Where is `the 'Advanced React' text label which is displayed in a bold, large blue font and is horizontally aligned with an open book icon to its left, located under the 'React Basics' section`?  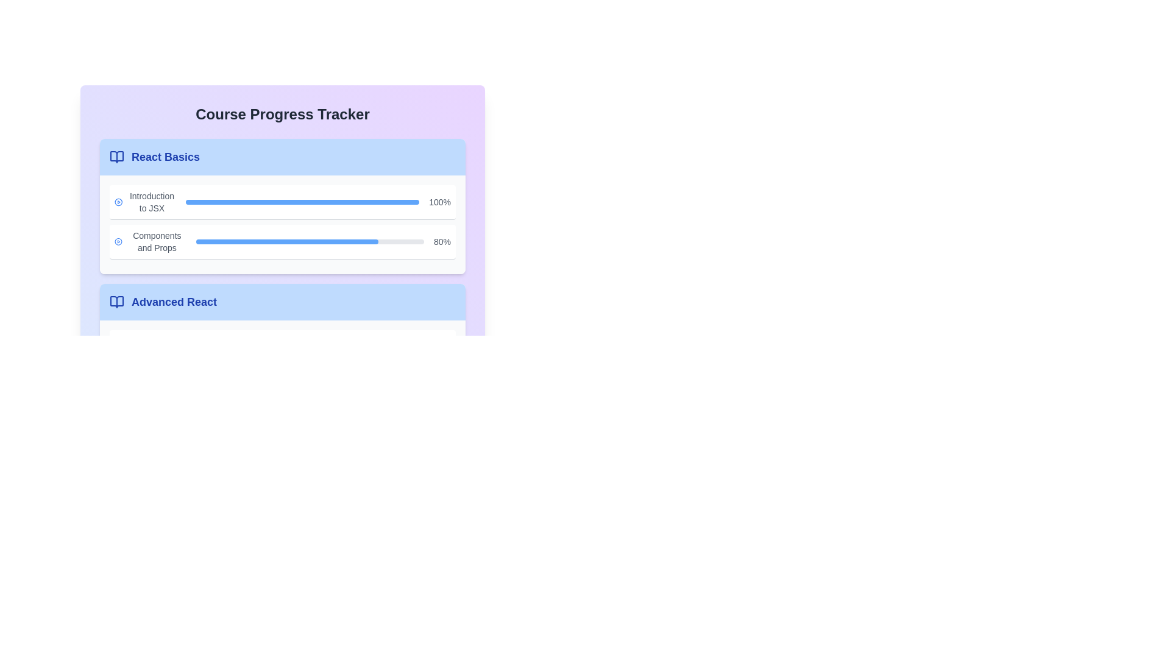 the 'Advanced React' text label which is displayed in a bold, large blue font and is horizontally aligned with an open book icon to its left, located under the 'React Basics' section is located at coordinates (163, 302).